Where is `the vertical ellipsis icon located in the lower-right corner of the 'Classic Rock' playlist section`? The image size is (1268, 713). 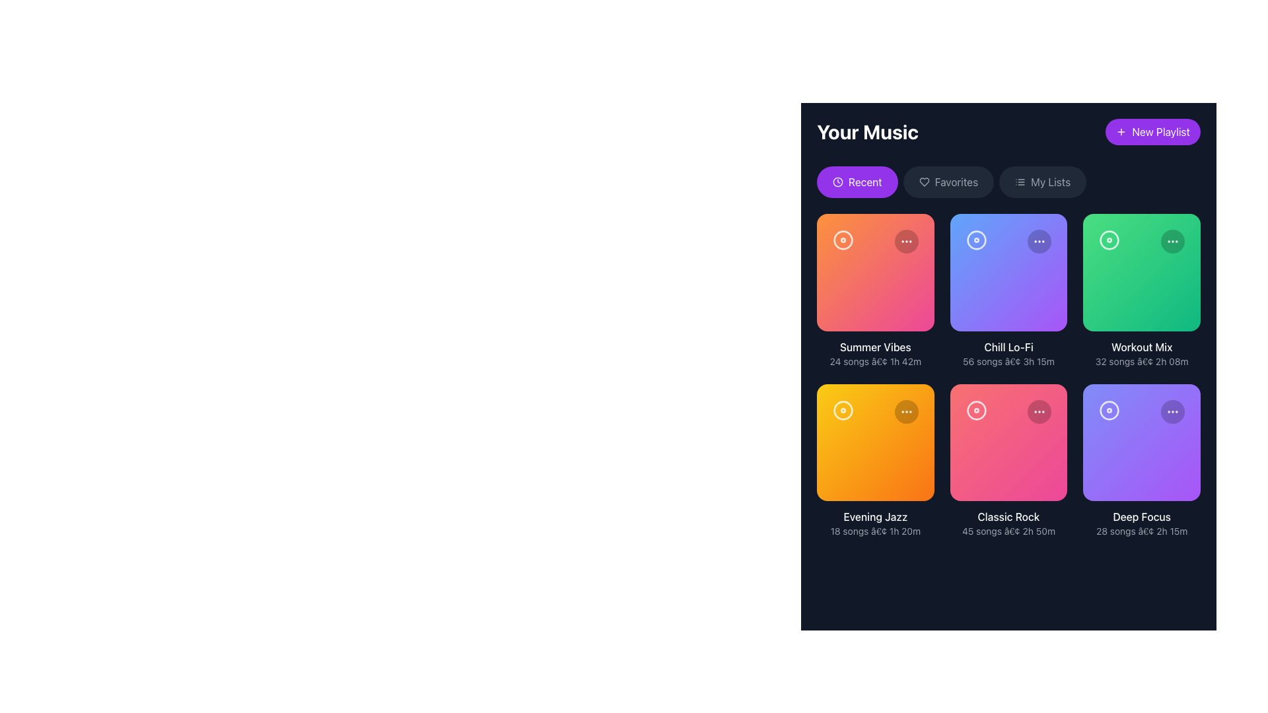 the vertical ellipsis icon located in the lower-right corner of the 'Classic Rock' playlist section is located at coordinates (1039, 411).